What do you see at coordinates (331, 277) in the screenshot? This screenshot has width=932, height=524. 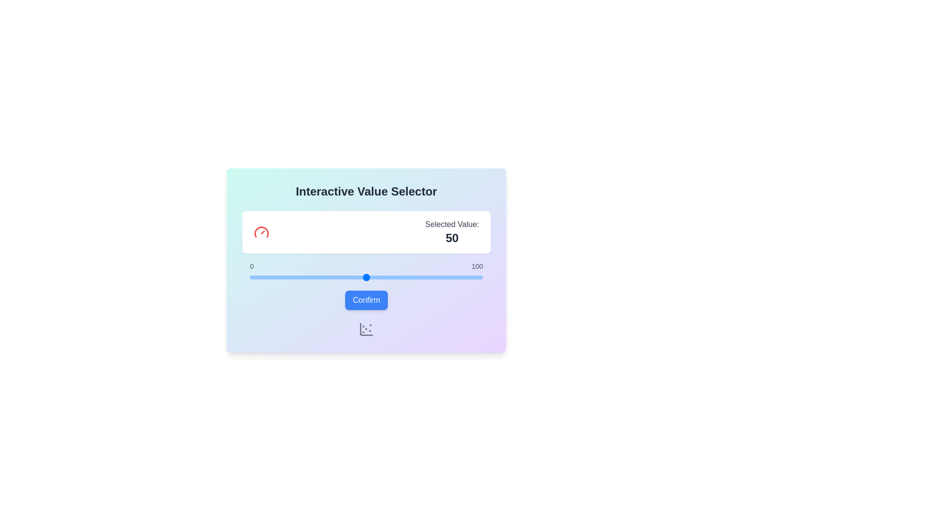 I see `the slider to set the value to 35` at bounding box center [331, 277].